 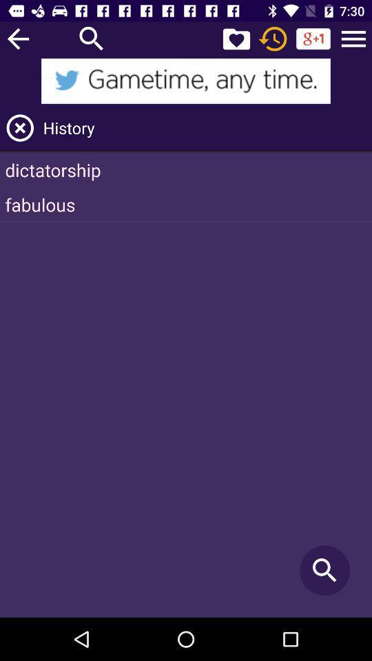 What do you see at coordinates (324, 570) in the screenshot?
I see `item at the bottom right corner` at bounding box center [324, 570].